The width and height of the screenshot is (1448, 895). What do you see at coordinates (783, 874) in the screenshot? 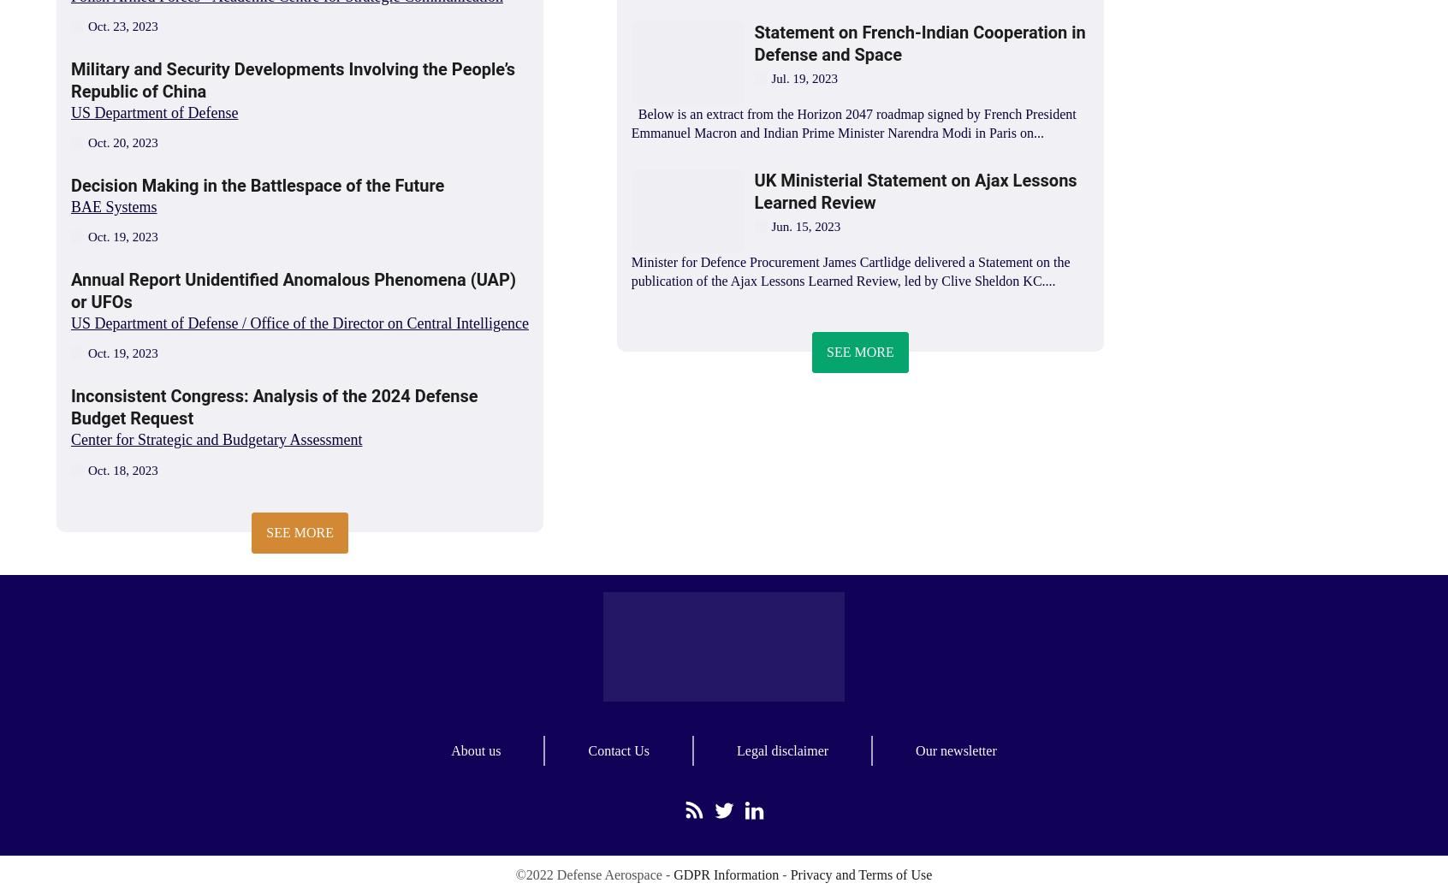
I see `'-'` at bounding box center [783, 874].